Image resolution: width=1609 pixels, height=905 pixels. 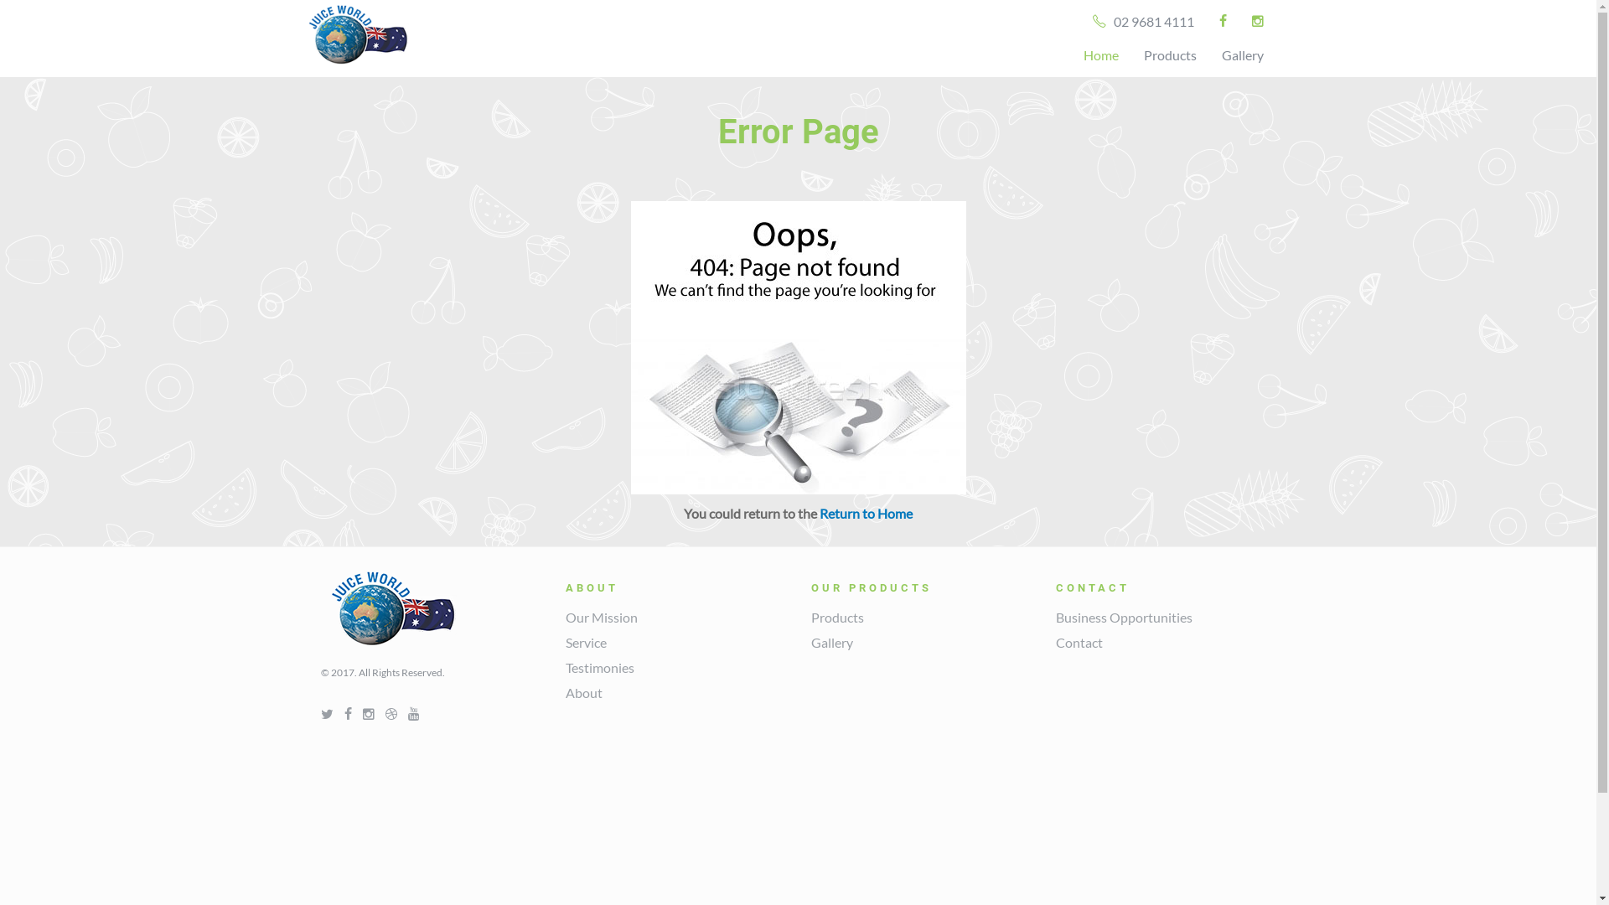 I want to click on 'Service', so click(x=586, y=641).